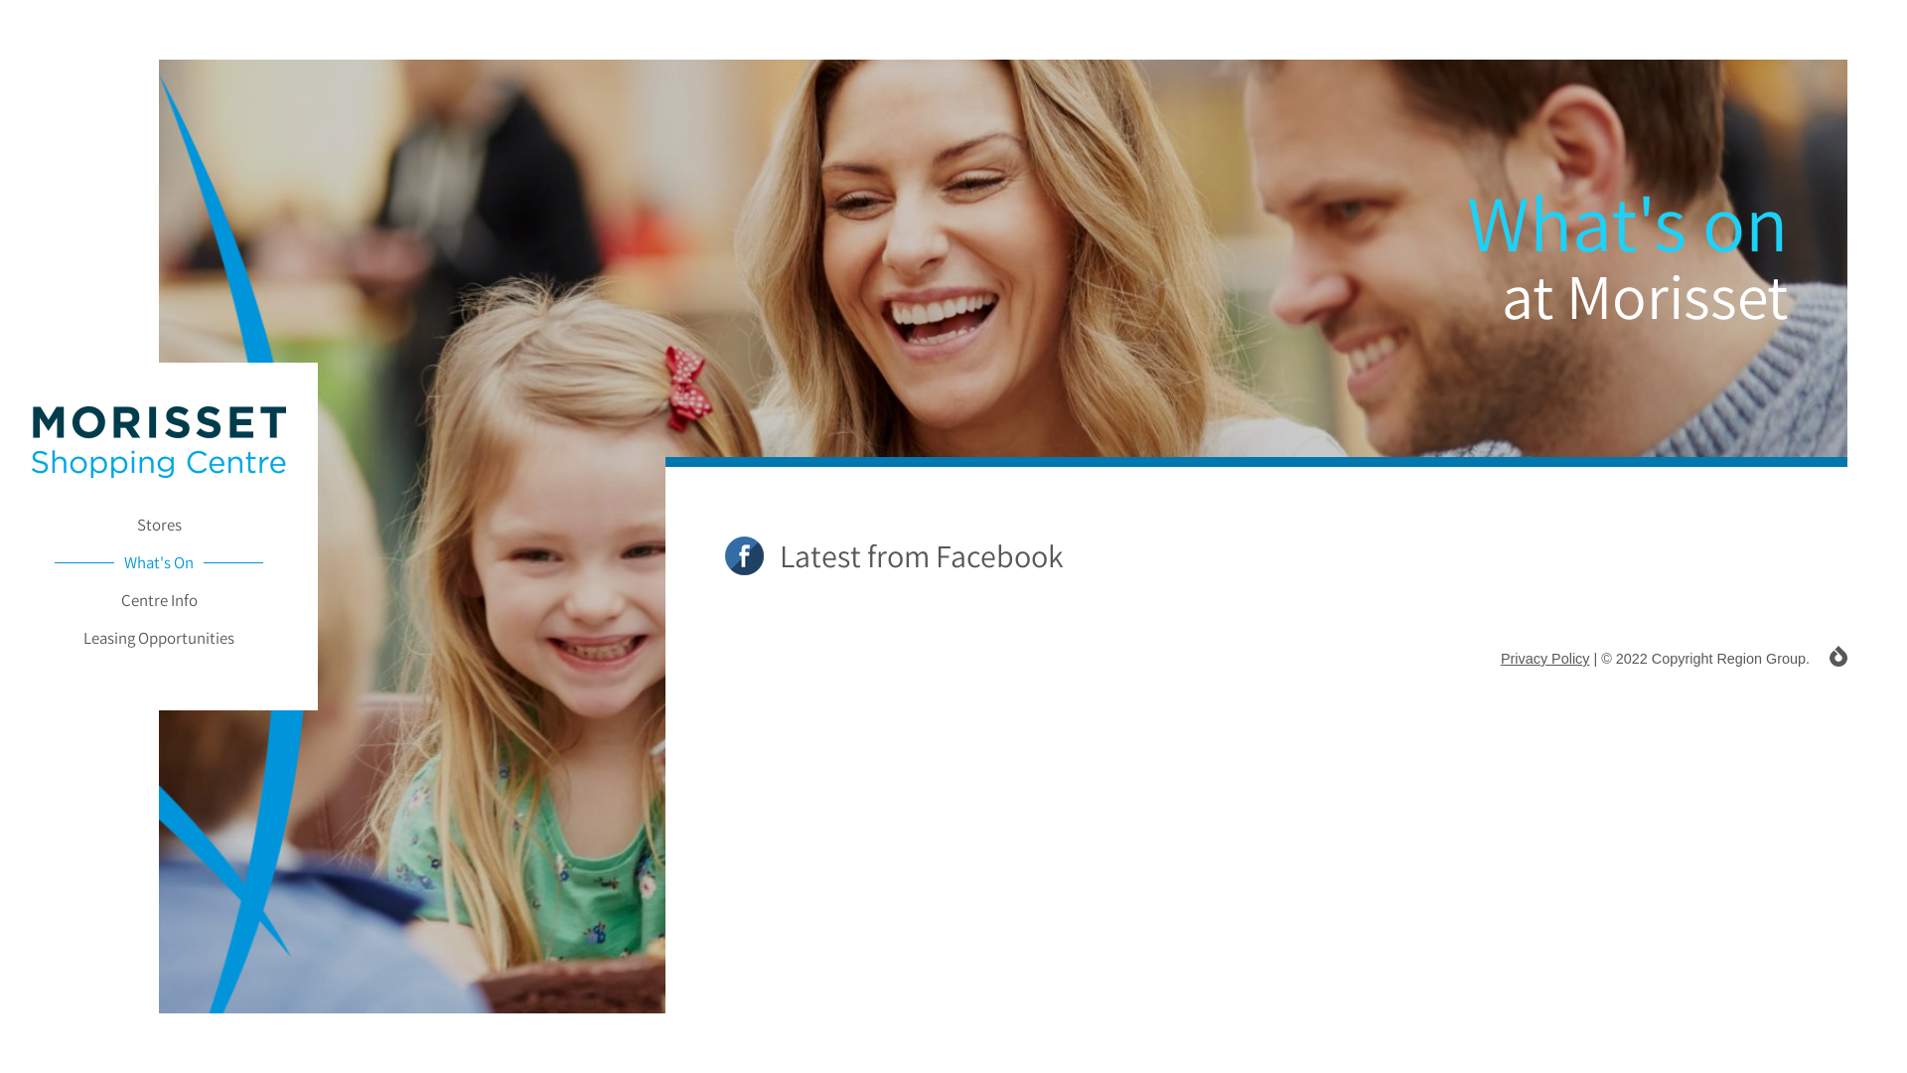  Describe the element at coordinates (157, 599) in the screenshot. I see `'Centre Info'` at that location.